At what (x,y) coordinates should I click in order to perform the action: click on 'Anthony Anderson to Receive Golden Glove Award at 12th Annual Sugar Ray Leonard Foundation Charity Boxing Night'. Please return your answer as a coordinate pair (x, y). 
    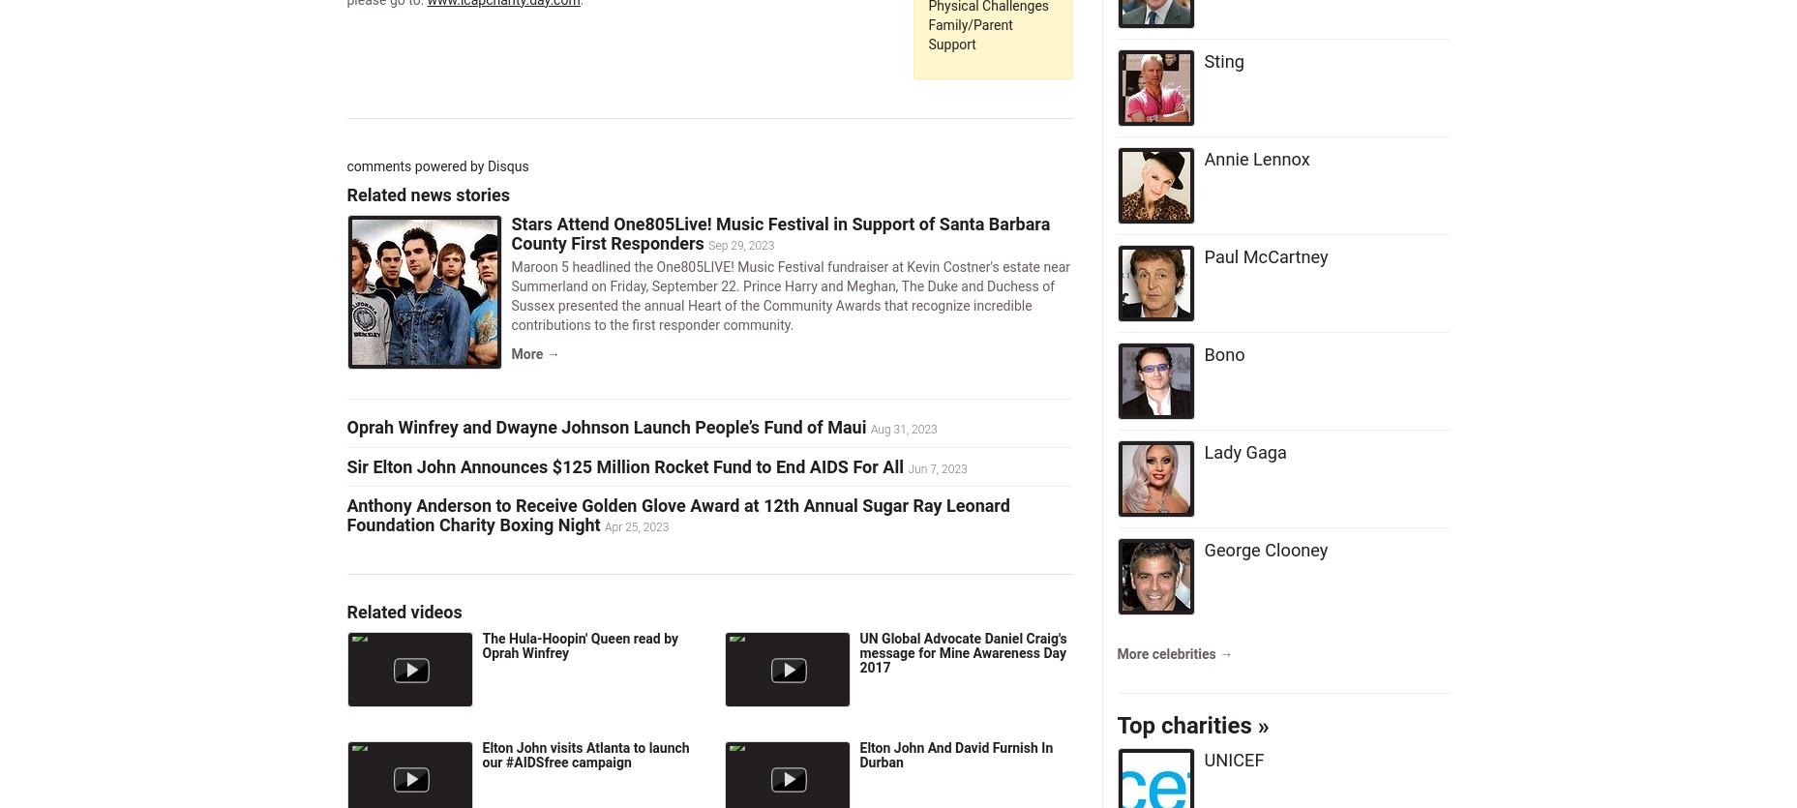
    Looking at the image, I should click on (676, 515).